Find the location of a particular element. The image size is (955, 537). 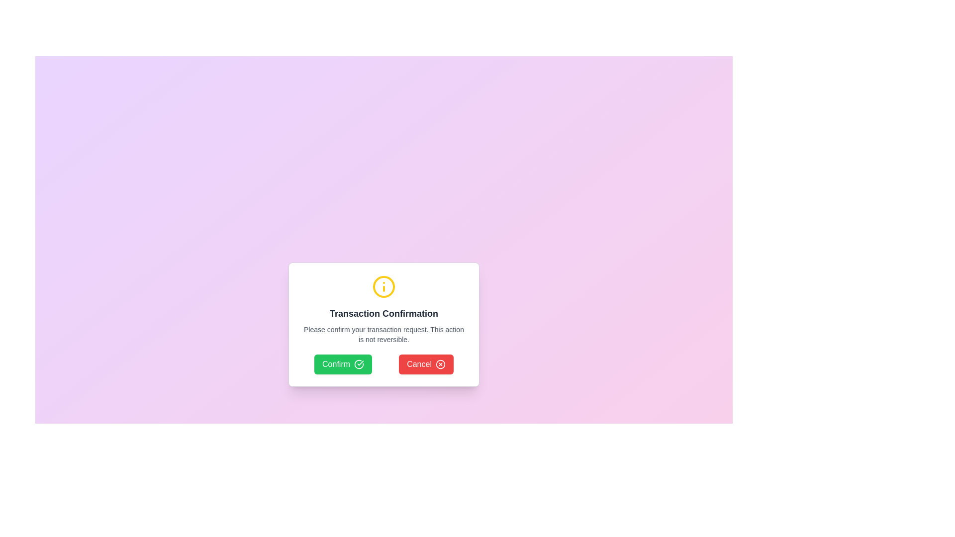

the 'Confirm' button, which is a green button located at the bottom of a modal dialog box is located at coordinates (336, 364).